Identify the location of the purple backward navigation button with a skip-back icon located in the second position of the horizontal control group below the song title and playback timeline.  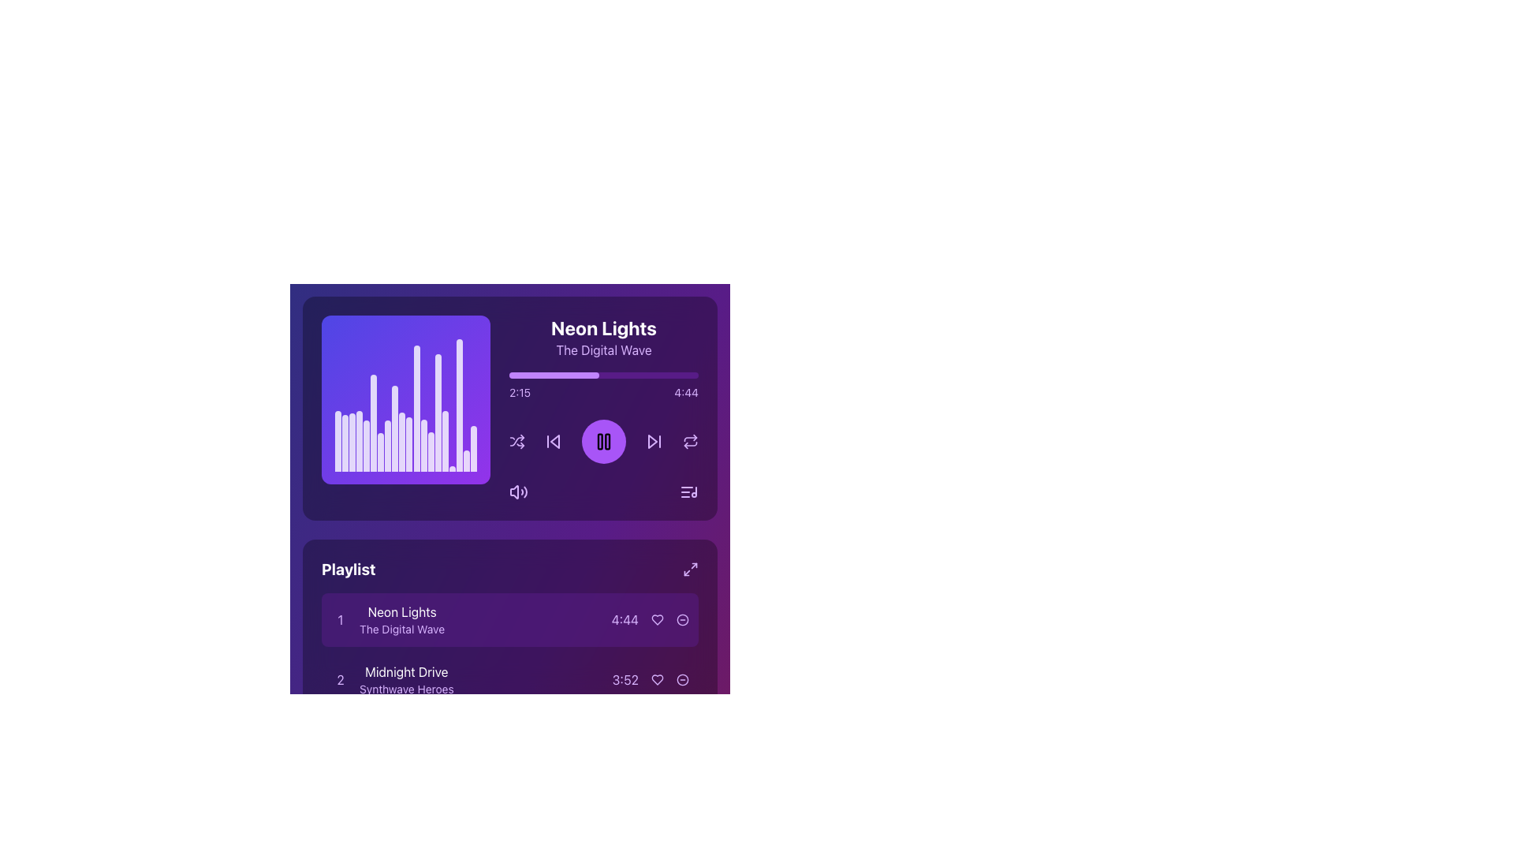
(553, 441).